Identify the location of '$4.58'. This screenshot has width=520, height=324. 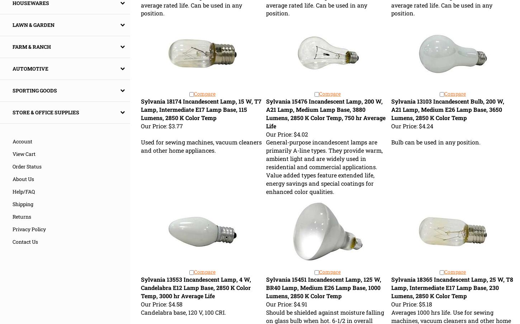
(174, 303).